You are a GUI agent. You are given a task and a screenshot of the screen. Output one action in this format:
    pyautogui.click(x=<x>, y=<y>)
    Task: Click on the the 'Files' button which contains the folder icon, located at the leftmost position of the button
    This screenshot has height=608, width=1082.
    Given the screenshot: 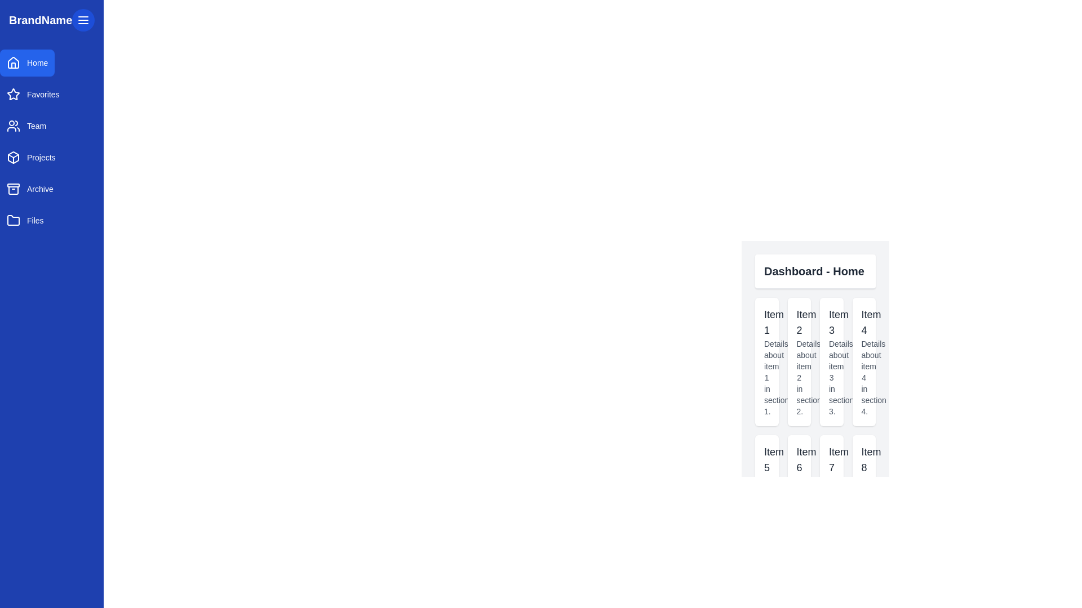 What is the action you would take?
    pyautogui.click(x=14, y=221)
    